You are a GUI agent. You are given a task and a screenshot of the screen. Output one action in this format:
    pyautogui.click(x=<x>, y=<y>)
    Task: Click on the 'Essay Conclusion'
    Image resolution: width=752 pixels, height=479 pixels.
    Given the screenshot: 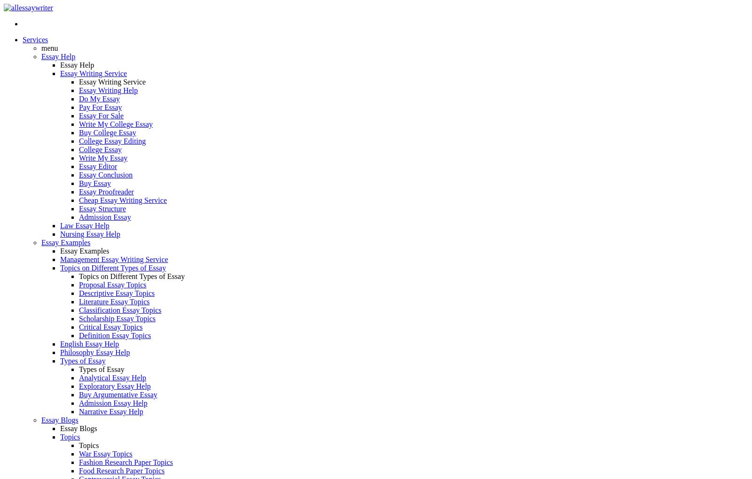 What is the action you would take?
    pyautogui.click(x=78, y=174)
    